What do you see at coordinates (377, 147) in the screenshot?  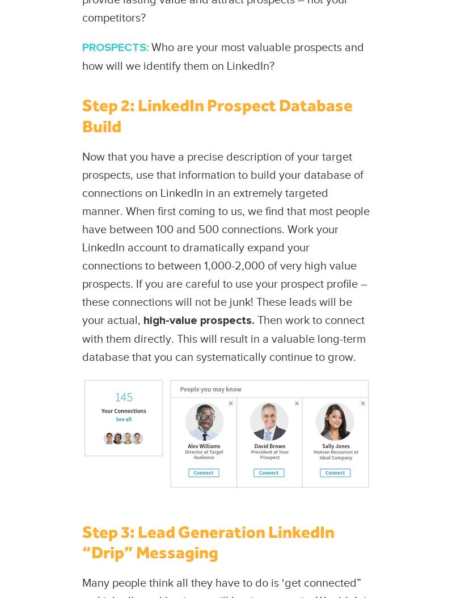 I see `'Contact Us'` at bounding box center [377, 147].